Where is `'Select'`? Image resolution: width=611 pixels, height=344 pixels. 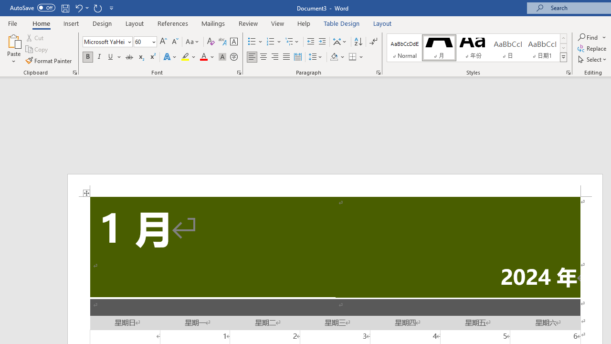 'Select' is located at coordinates (592, 59).